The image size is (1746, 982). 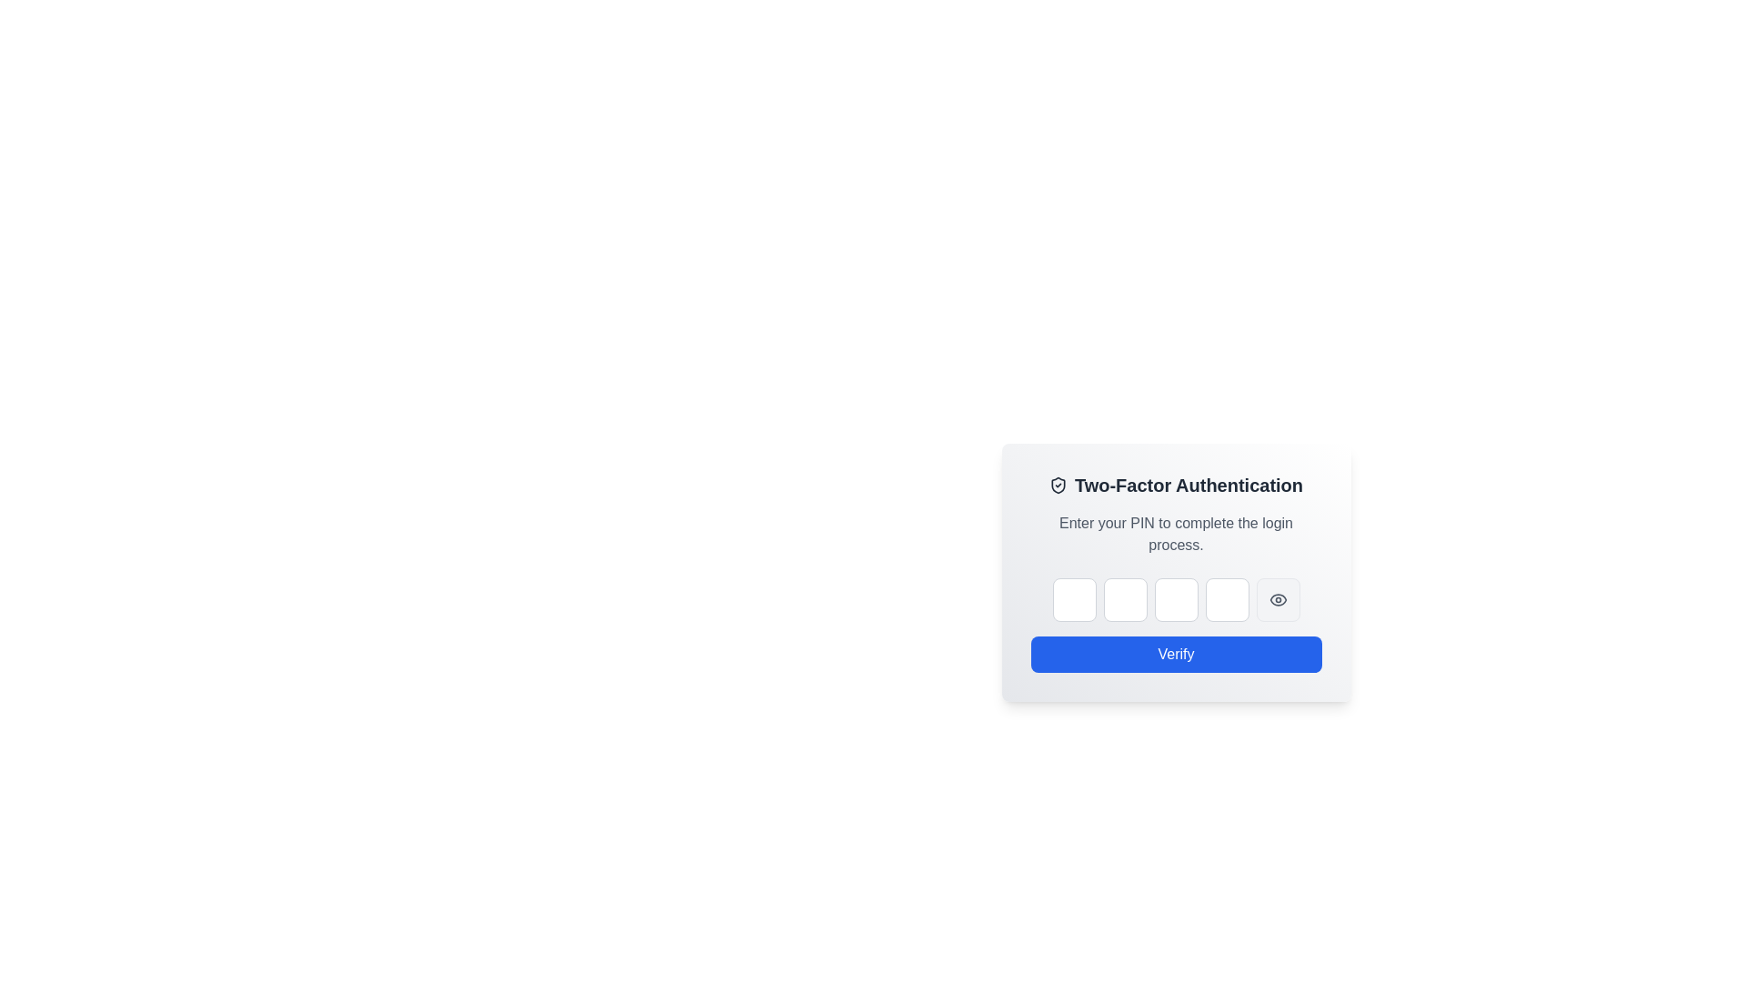 I want to click on shield icon representing security within the Two-Factor Authentication modal header for design details, so click(x=1058, y=484).